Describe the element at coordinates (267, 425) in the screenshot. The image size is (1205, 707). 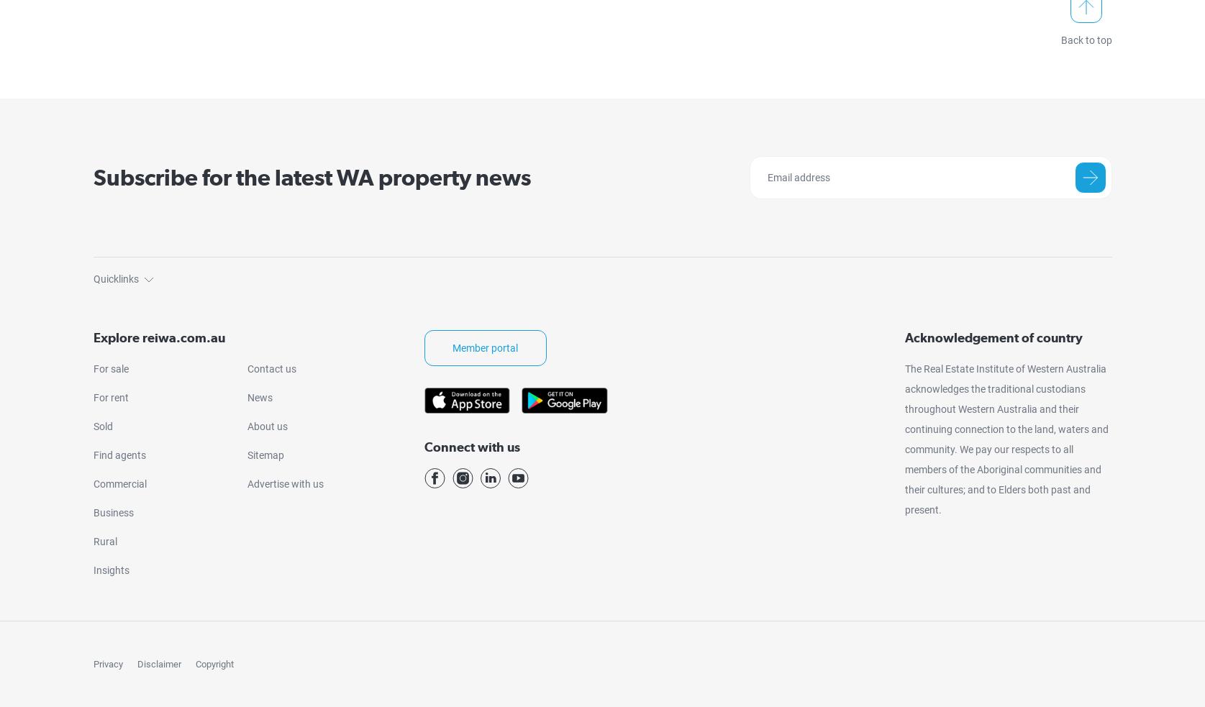
I see `'About us'` at that location.